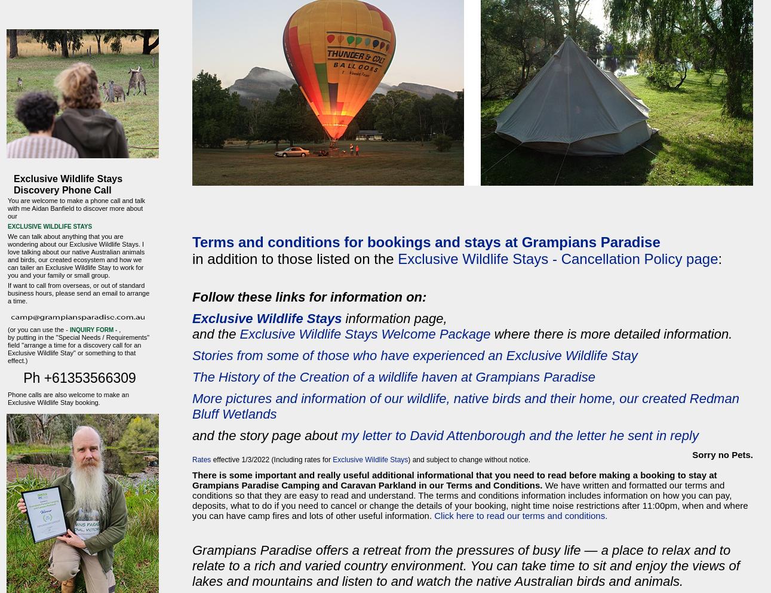  I want to click on 'my letter to David Attenborough and the letter he sent in reply', so click(519, 435).